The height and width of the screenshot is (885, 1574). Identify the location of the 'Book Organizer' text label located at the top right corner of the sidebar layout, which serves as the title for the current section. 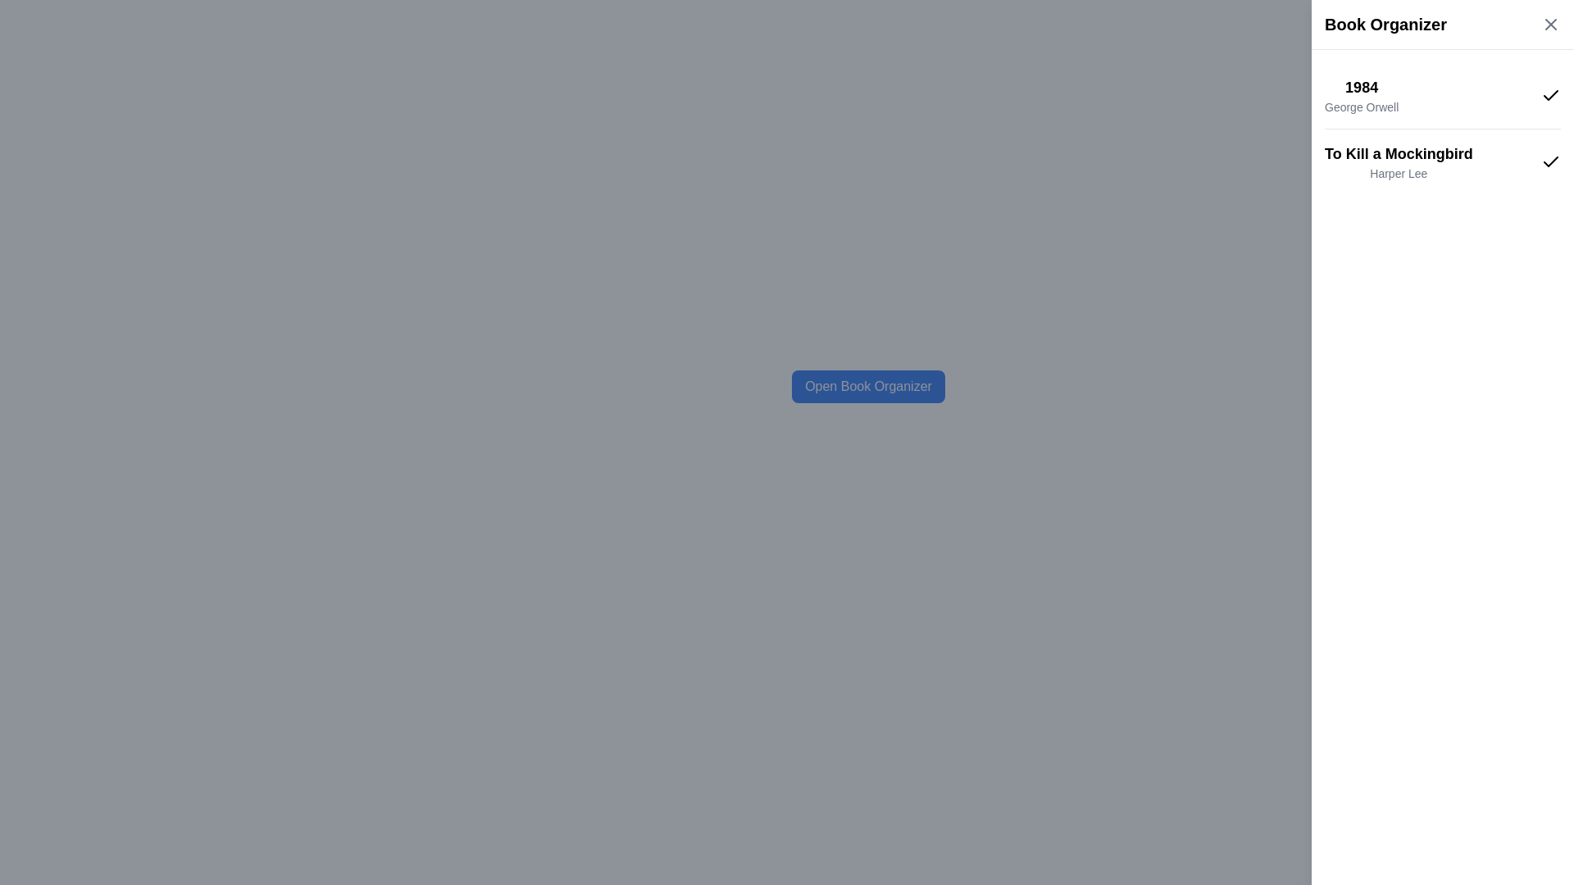
(1385, 25).